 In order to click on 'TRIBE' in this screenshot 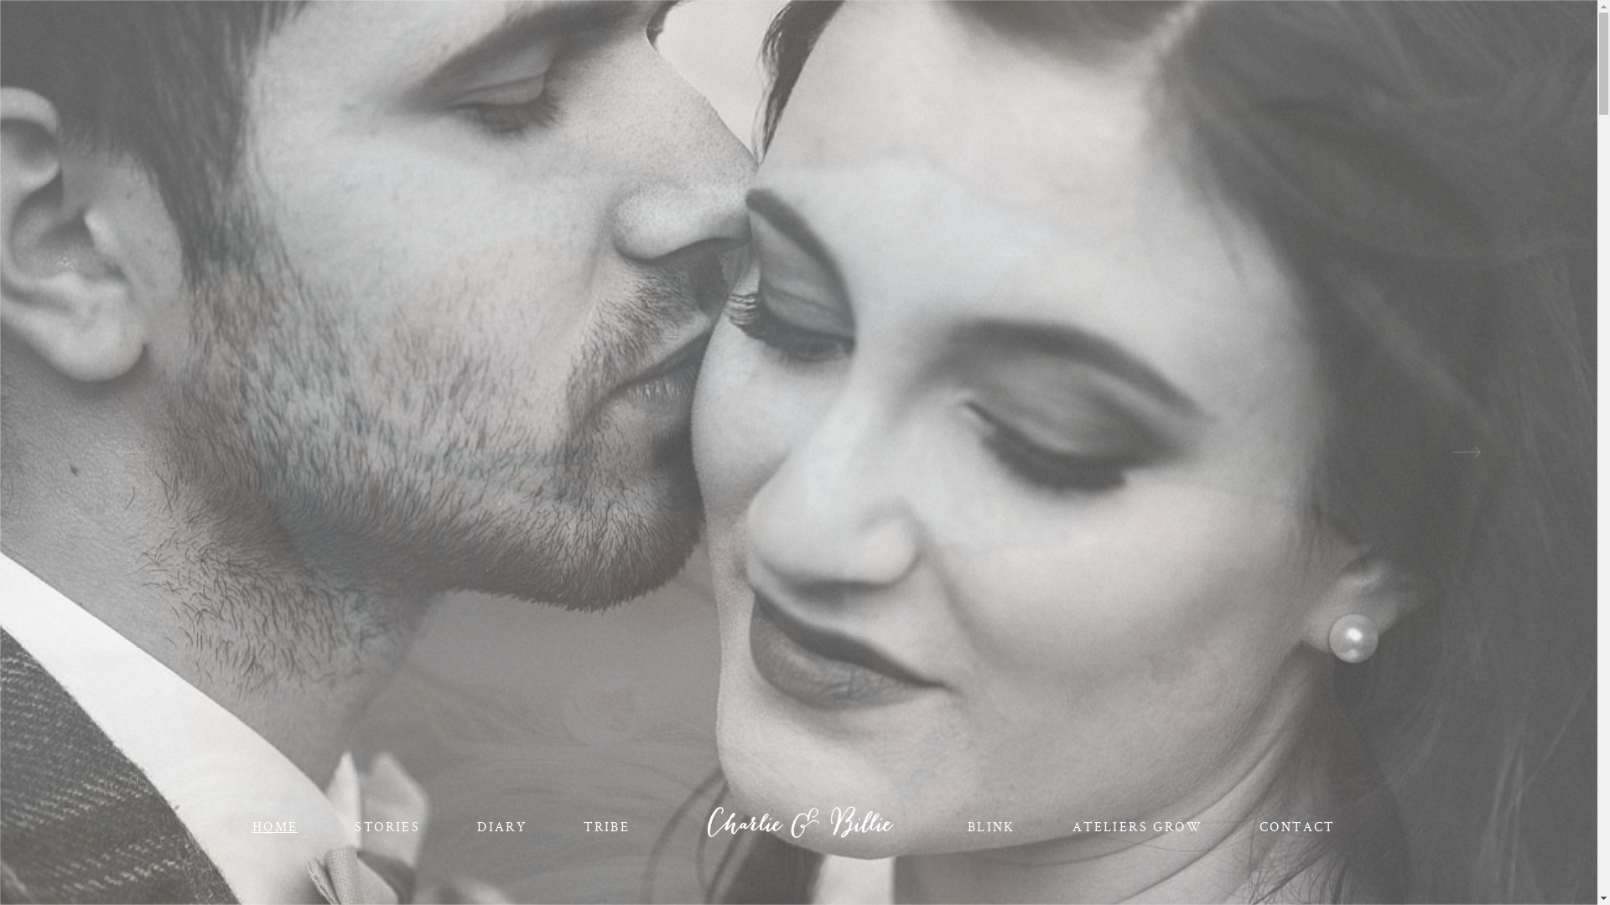, I will do `click(584, 826)`.